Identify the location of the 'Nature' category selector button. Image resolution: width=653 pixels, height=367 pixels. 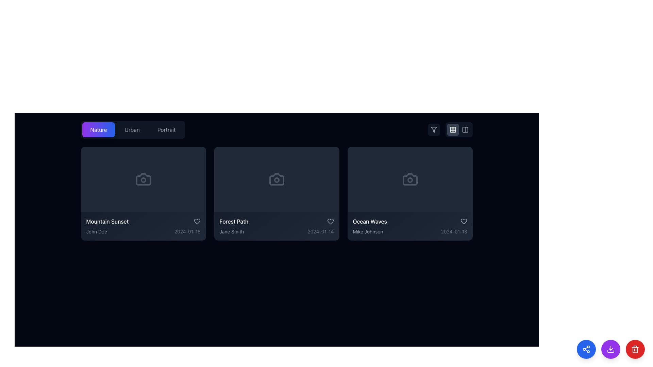
(98, 129).